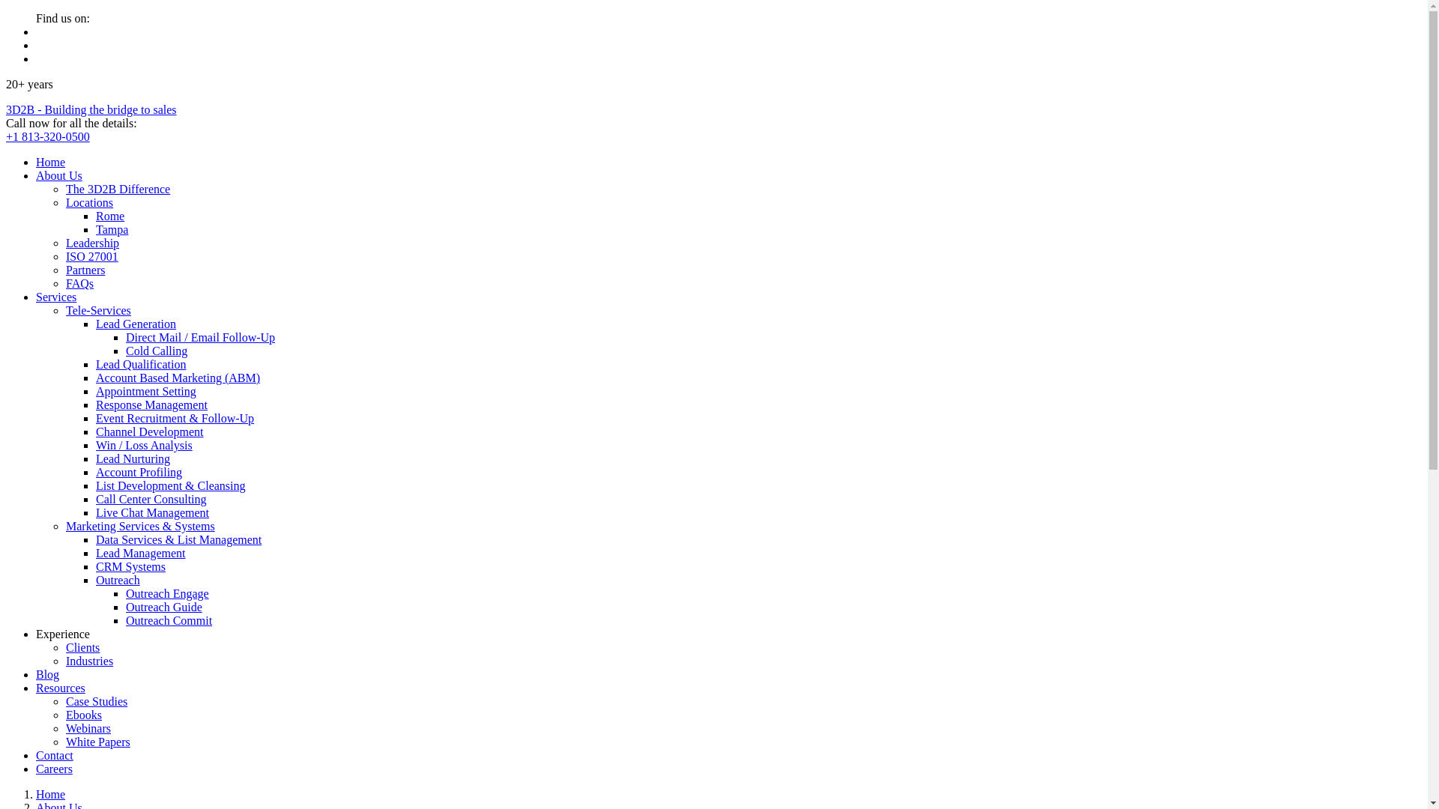  Describe the element at coordinates (82, 646) in the screenshot. I see `'Clients'` at that location.